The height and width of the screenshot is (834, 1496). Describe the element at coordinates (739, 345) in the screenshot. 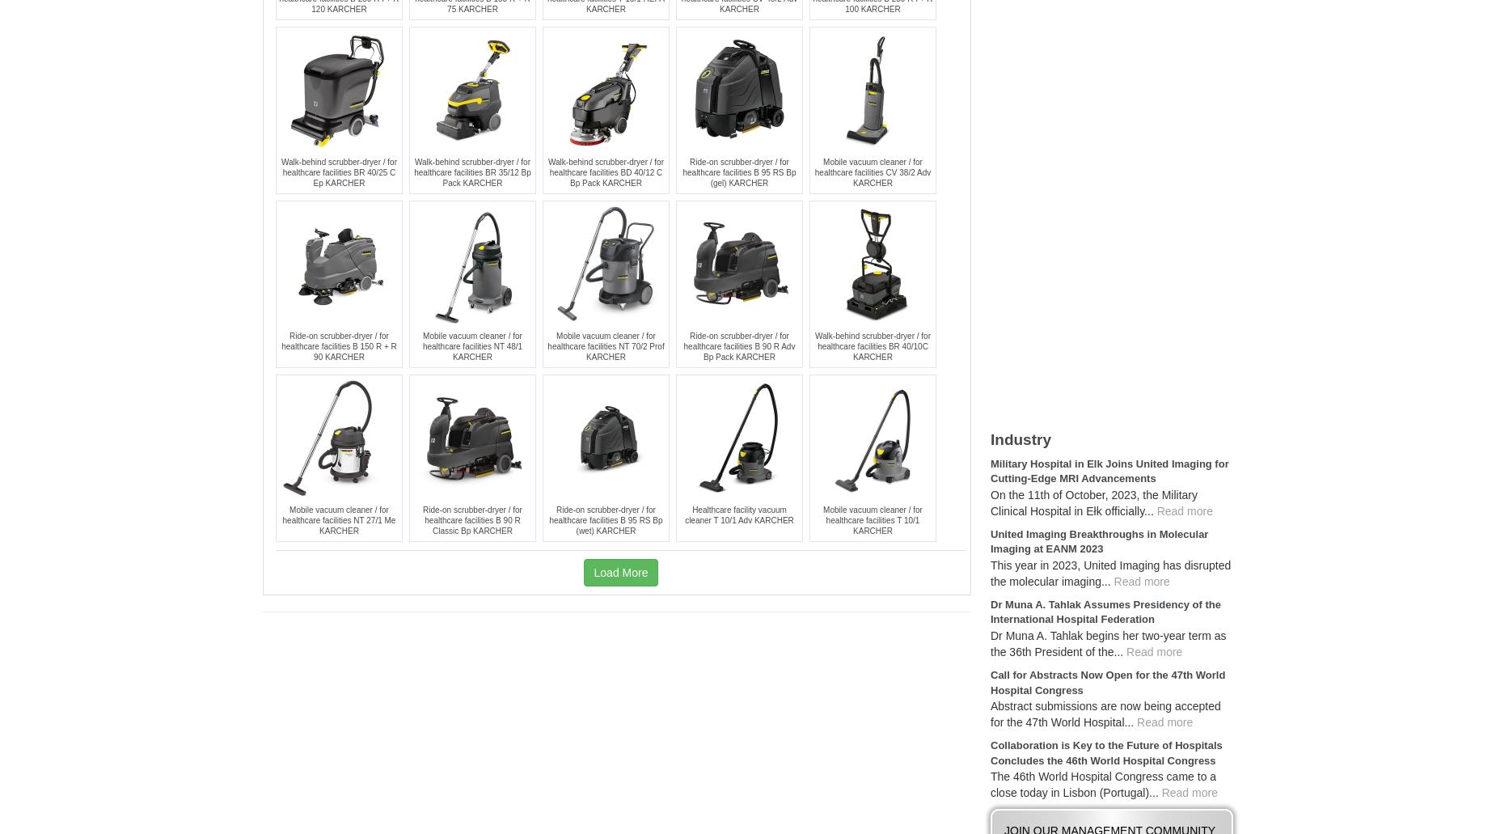

I see `'Ride-on scrubber-dryer / for healthcare facilities B 90 R Adv Bp Pack KARCHER'` at that location.